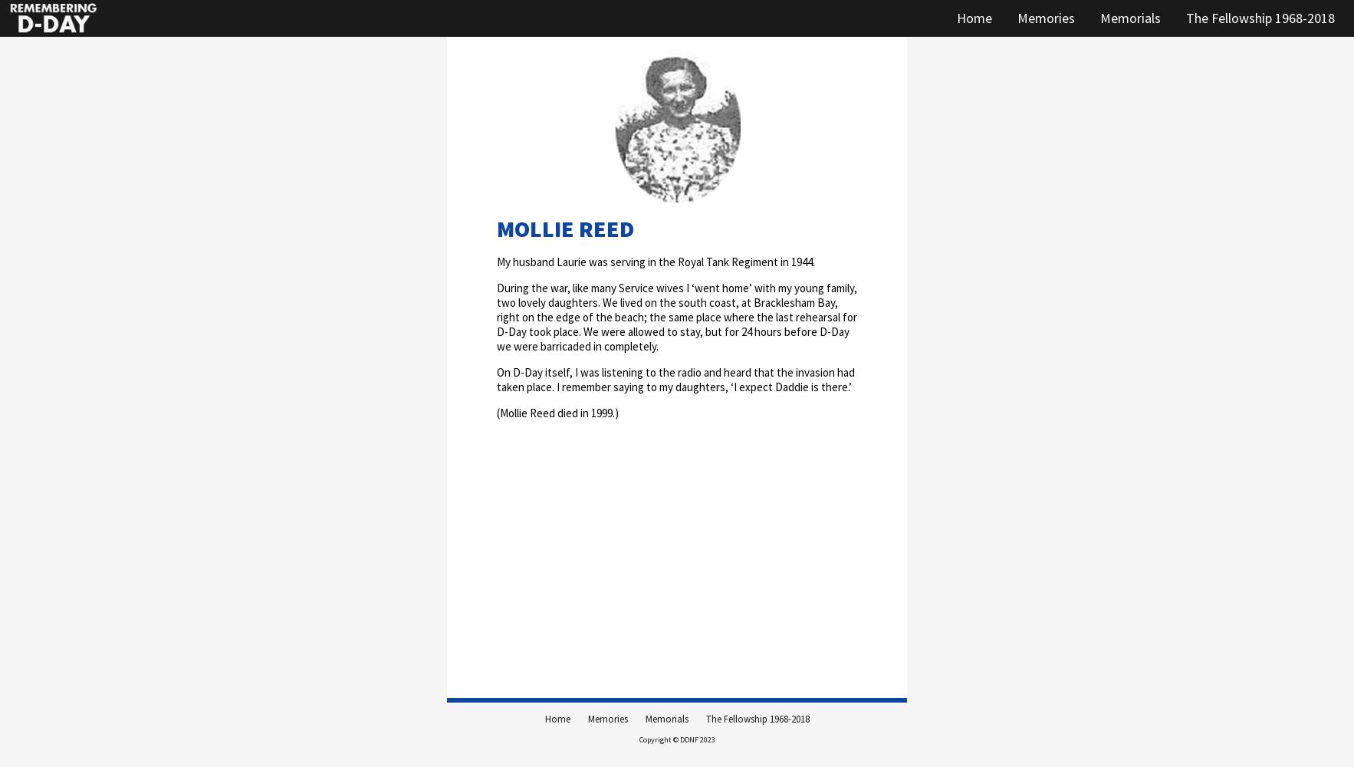 The width and height of the screenshot is (1354, 767). What do you see at coordinates (677, 317) in the screenshot?
I see `'During the war, like many Service wives I ‘went home’ with my young family, two lovely daughters. We lived on the south coast, at Bracklesham Bay, right on the edge of the beach; the same place where the last rehearsal for D-Day took place. We were allowed to stay, but for 24 hours before D-Day we were barricaded in completely.'` at bounding box center [677, 317].